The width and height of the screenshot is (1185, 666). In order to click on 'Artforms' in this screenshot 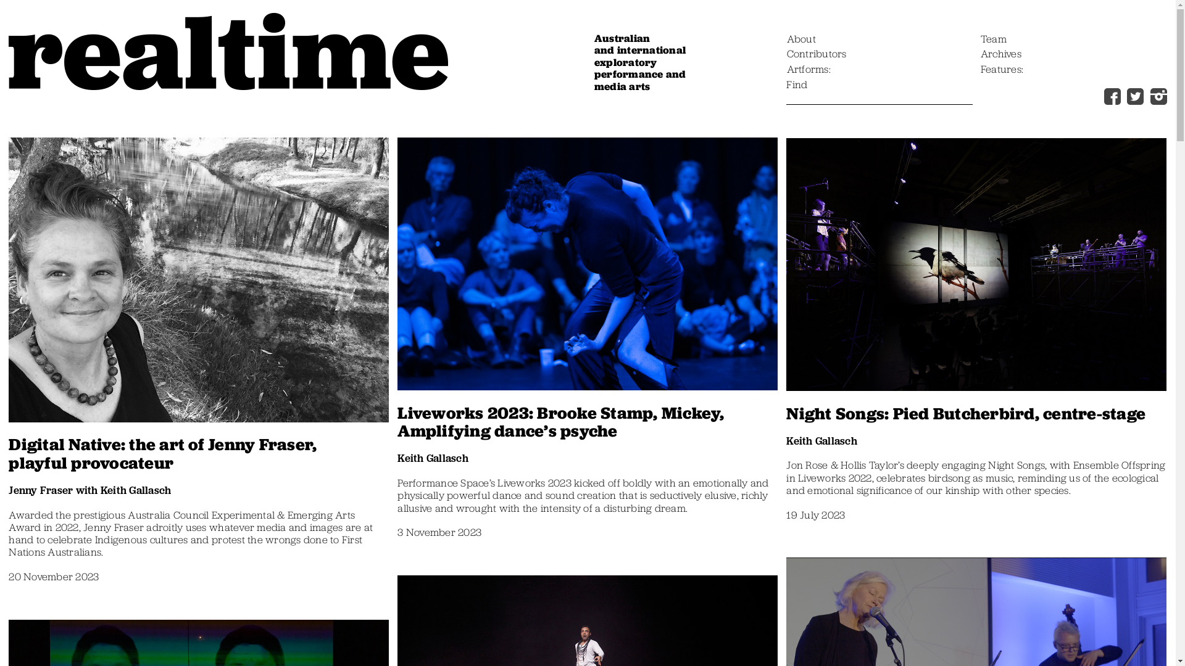, I will do `click(809, 70)`.